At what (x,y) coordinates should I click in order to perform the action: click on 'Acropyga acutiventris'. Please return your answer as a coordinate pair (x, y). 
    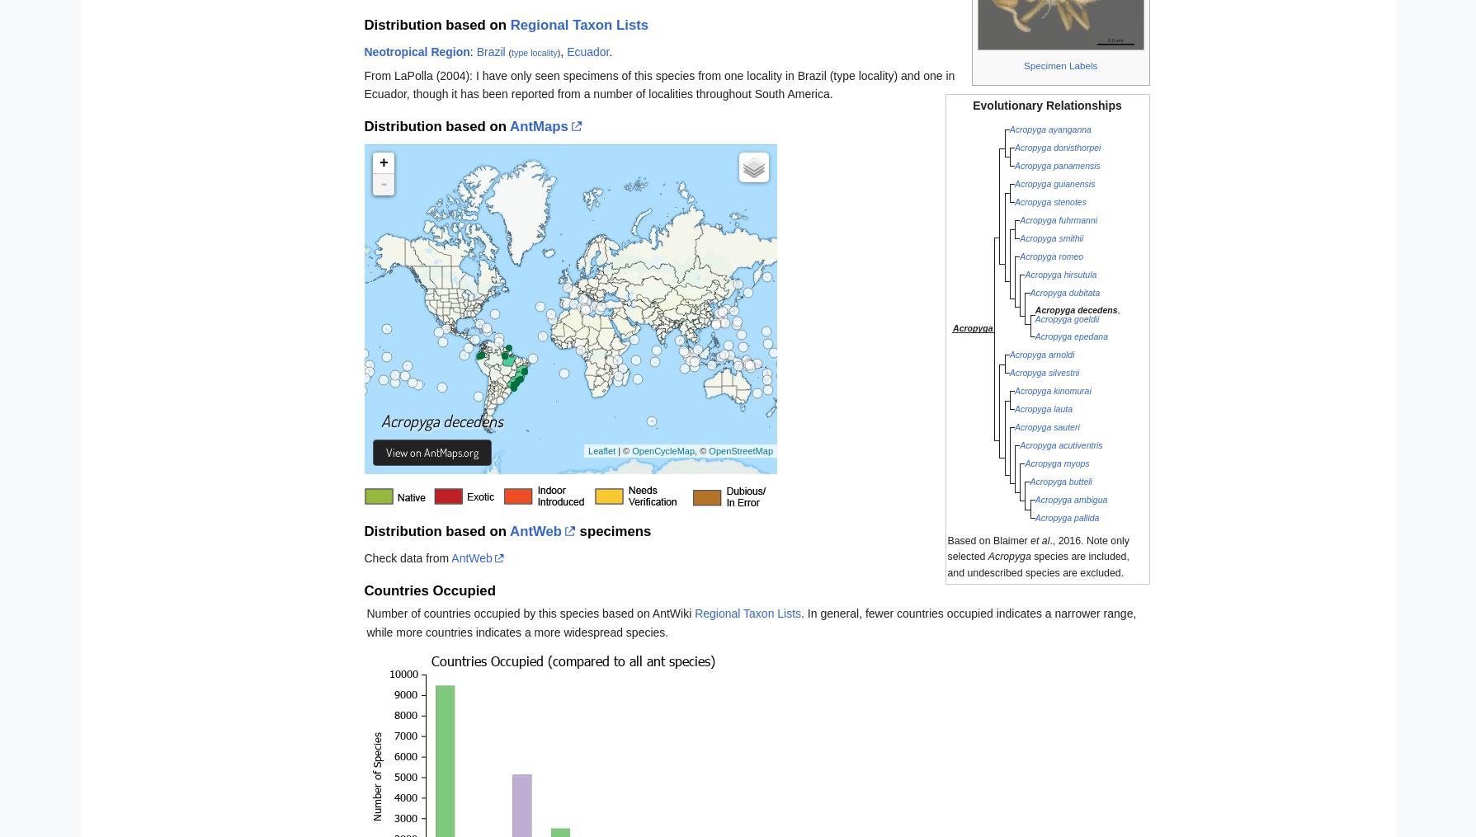
    Looking at the image, I should click on (1060, 444).